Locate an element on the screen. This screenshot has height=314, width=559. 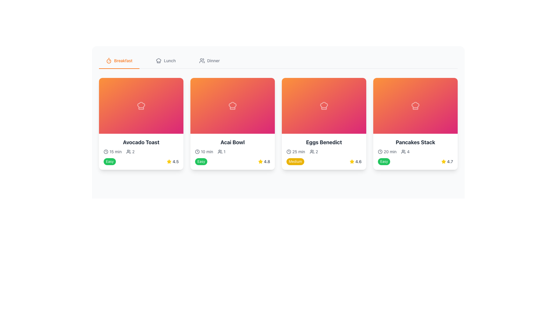
the central decorative icon representing the 'Eggs Benedict' recipe card, which is the third card in a set of four horizontally aligned recipe cards is located at coordinates (324, 106).